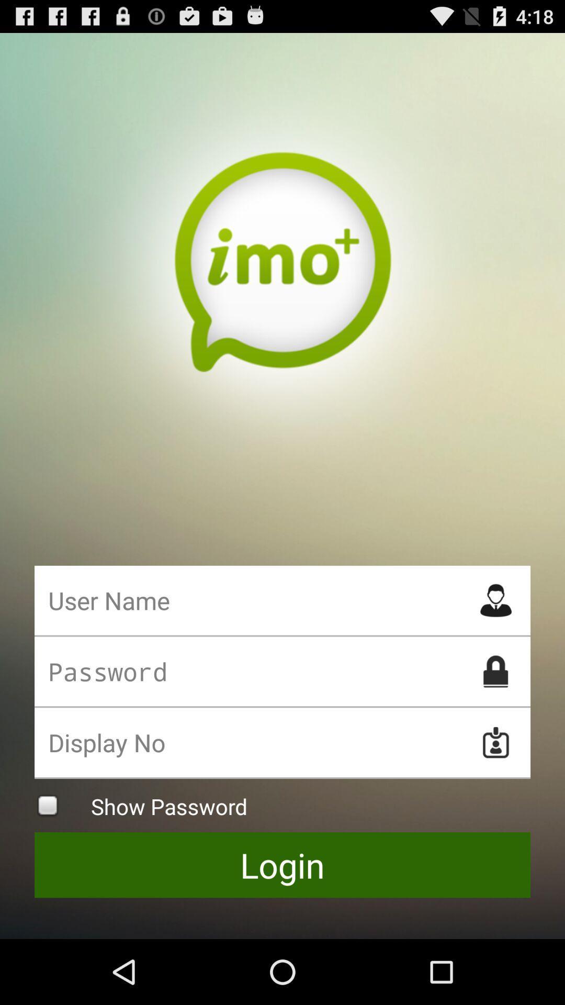 The width and height of the screenshot is (565, 1005). I want to click on the item above the login item, so click(282, 805).